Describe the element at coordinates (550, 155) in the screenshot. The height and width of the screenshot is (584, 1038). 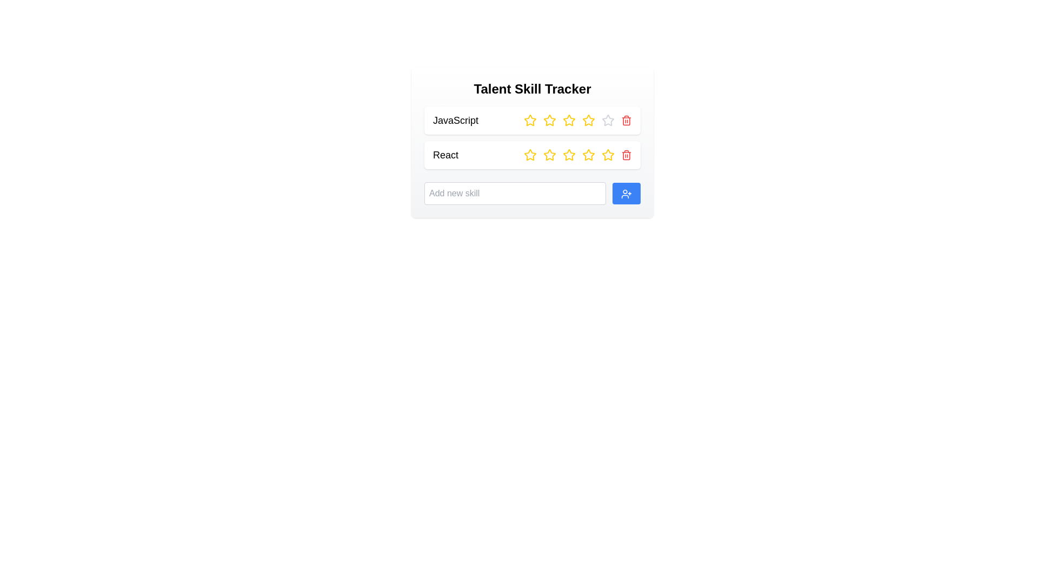
I see `the second star icon in the rating system for the 'React' skill` at that location.